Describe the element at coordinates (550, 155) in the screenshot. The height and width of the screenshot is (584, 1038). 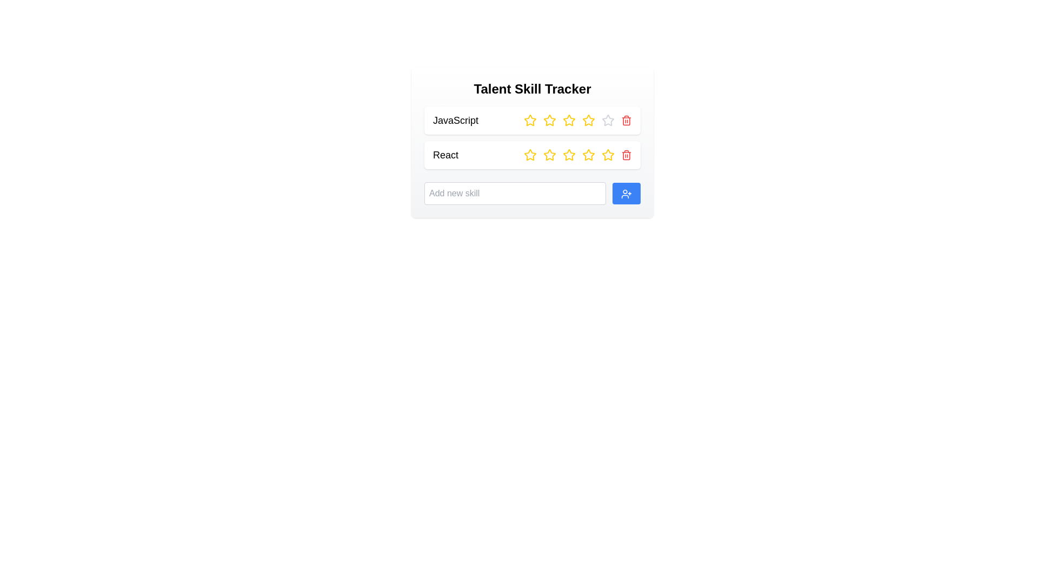
I see `the second star icon in the rating system for the 'React' skill` at that location.